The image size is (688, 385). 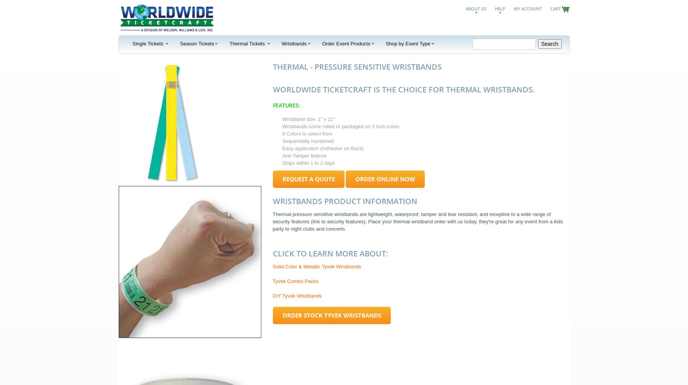 What do you see at coordinates (345, 43) in the screenshot?
I see `'Order Event Products'` at bounding box center [345, 43].